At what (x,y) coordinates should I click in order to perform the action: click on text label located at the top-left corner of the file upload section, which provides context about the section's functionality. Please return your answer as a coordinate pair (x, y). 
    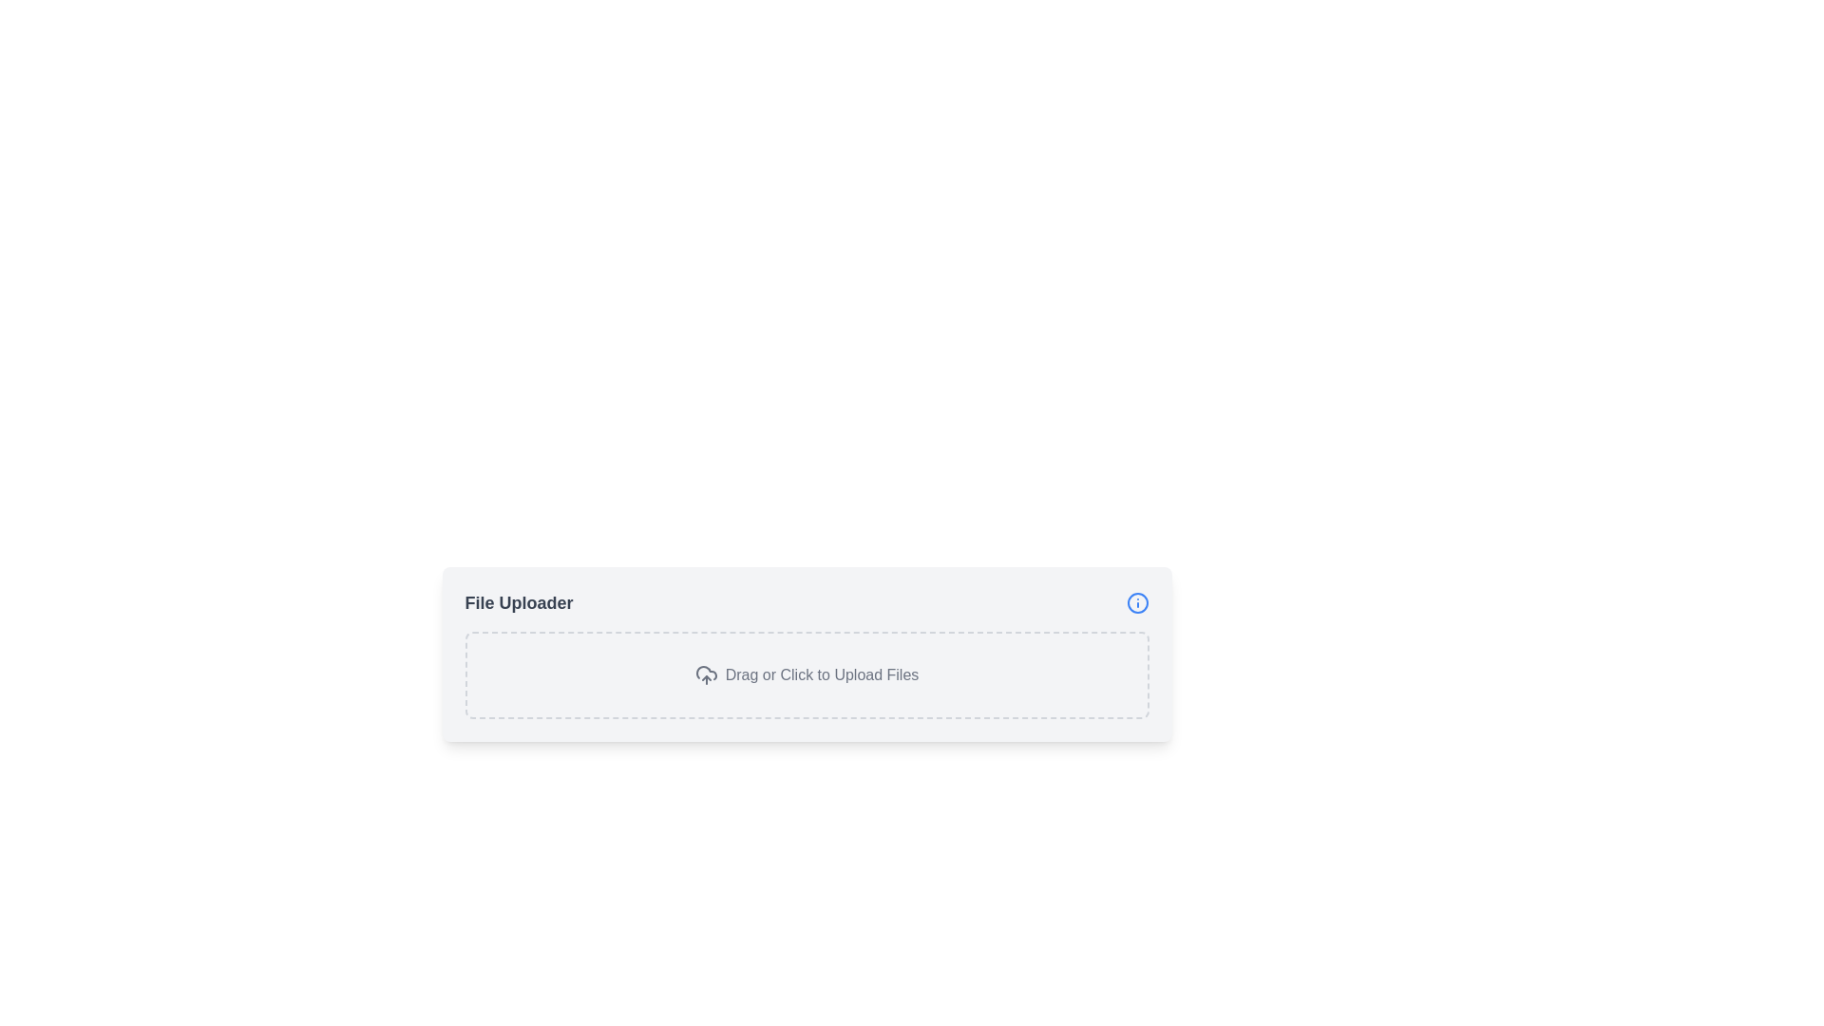
    Looking at the image, I should click on (519, 603).